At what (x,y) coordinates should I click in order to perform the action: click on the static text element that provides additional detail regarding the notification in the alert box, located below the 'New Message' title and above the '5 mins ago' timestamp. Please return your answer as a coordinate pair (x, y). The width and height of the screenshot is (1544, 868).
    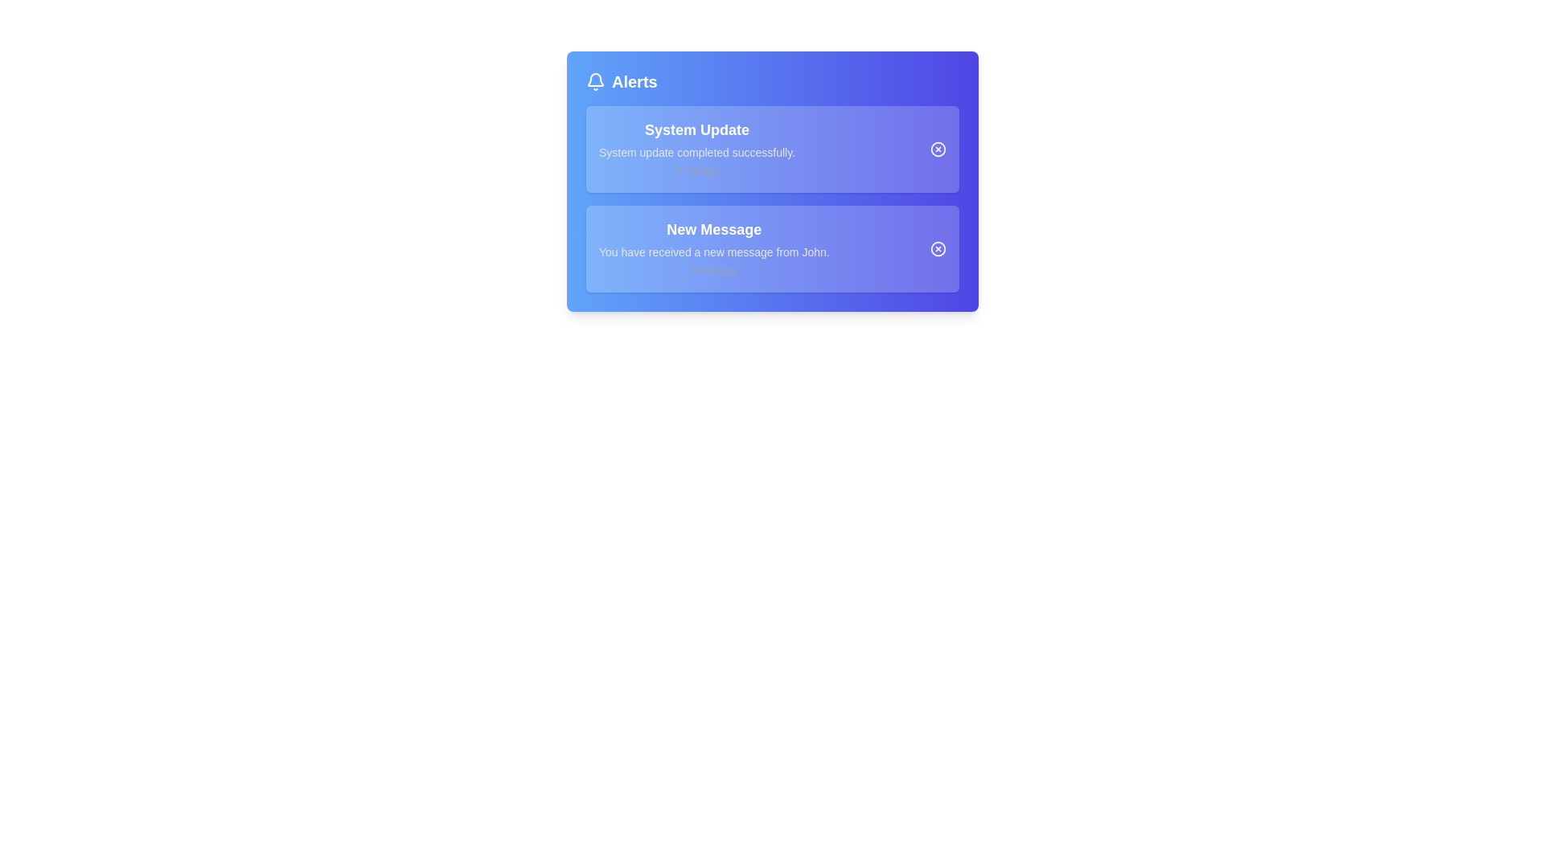
    Looking at the image, I should click on (713, 252).